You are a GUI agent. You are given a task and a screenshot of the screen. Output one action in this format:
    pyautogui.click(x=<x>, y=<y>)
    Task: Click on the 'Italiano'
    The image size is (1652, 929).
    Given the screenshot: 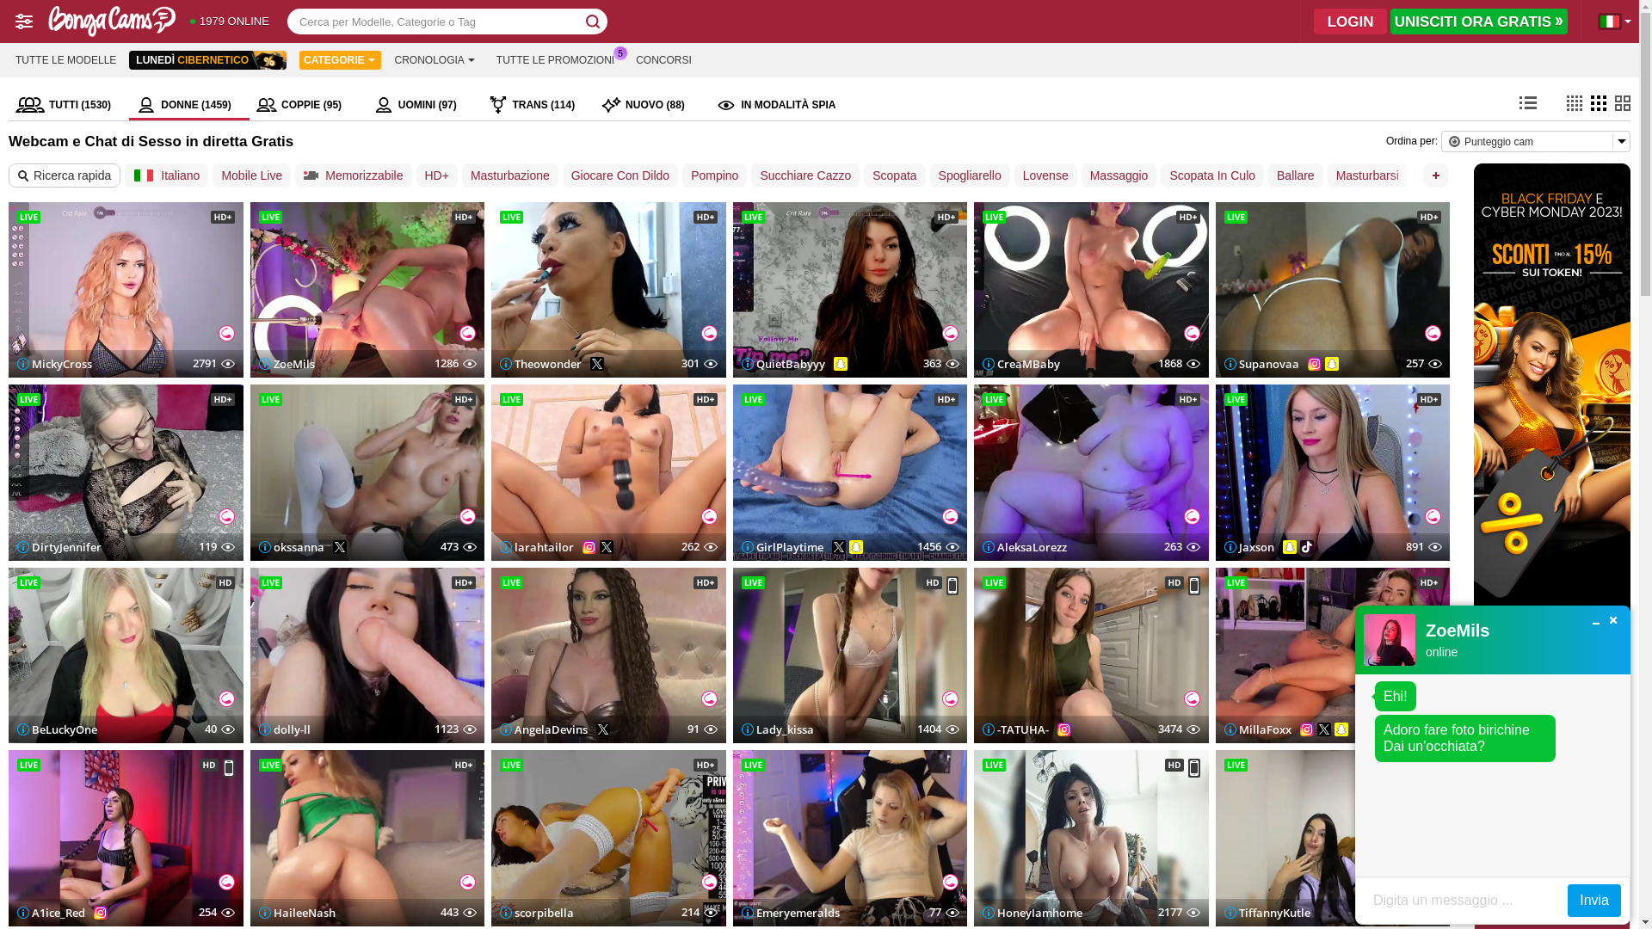 What is the action you would take?
    pyautogui.click(x=166, y=175)
    